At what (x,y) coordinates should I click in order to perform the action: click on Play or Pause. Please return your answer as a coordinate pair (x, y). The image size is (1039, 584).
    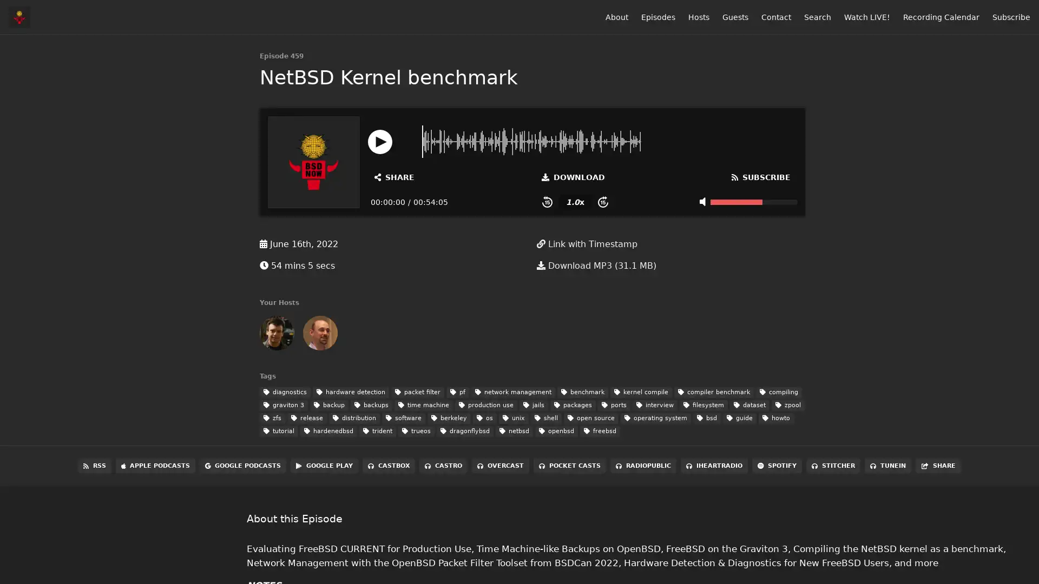
    Looking at the image, I should click on (380, 141).